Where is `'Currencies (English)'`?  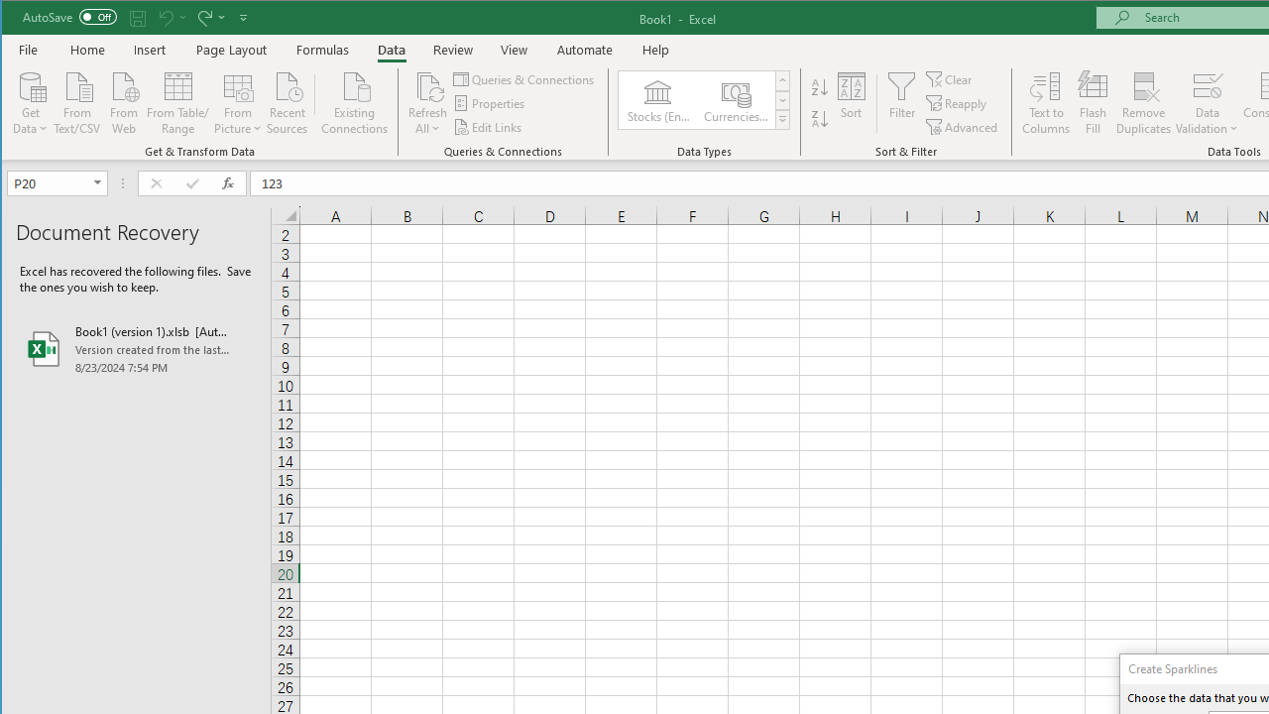
'Currencies (English)' is located at coordinates (734, 99).